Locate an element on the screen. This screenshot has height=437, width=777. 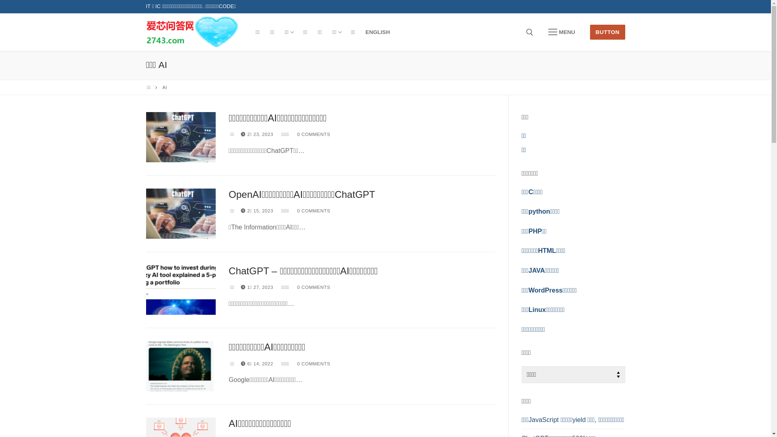
'MENU' is located at coordinates (540, 32).